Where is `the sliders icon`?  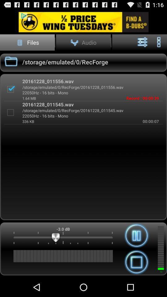
the sliders icon is located at coordinates (143, 45).